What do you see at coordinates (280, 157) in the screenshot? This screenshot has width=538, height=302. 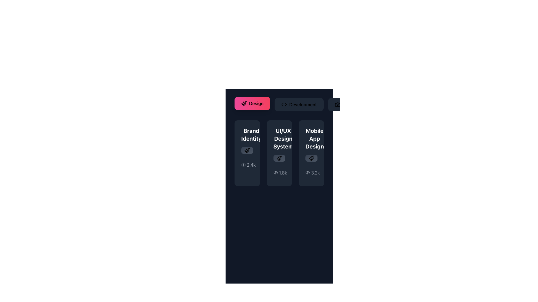 I see `the paintbrush icon located on the second card labeled 'UI/UX Design System' in the 'Design' category` at bounding box center [280, 157].